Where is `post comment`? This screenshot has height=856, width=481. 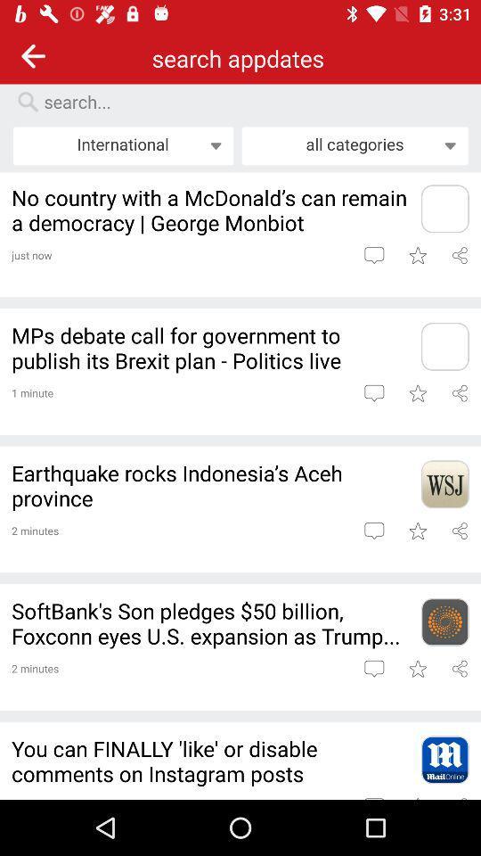 post comment is located at coordinates (373, 393).